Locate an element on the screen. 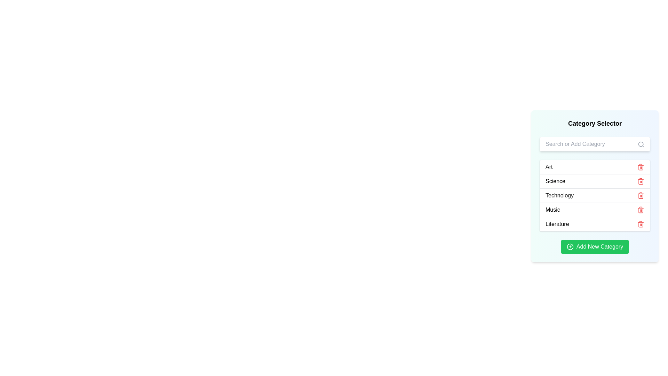  the 'Music' category item in the fourth row of the Category Selector list, which includes a red trash icon on the right is located at coordinates (594, 209).